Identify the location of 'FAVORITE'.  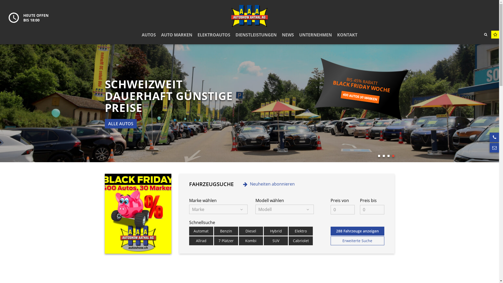
(495, 34).